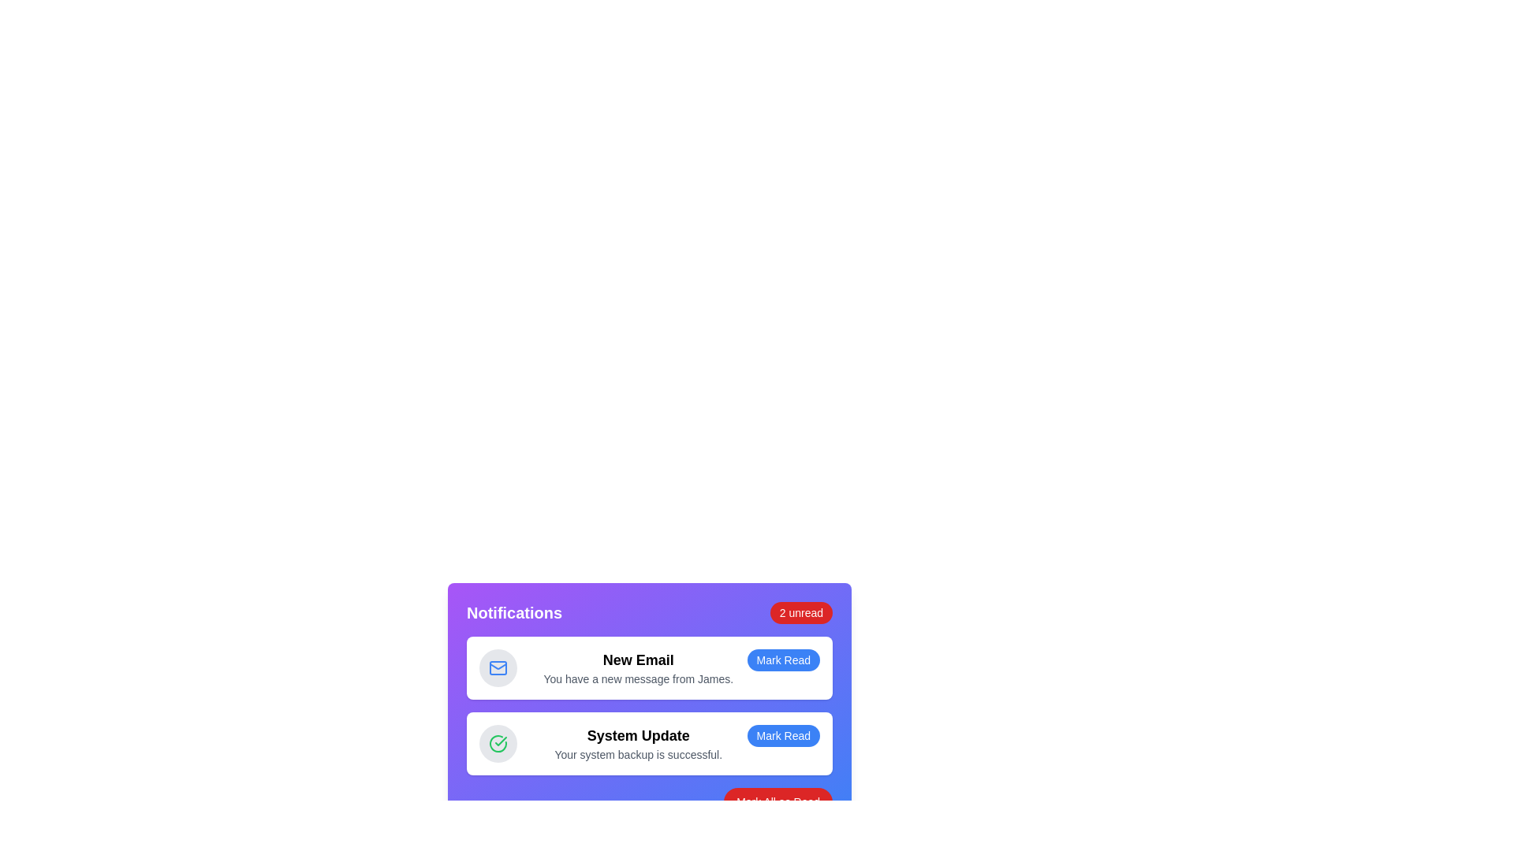  I want to click on the circular button with a light gray background and a blue email icon, which represents the 'New Email' notification in the top-left corner of the notification card, so click(498, 668).